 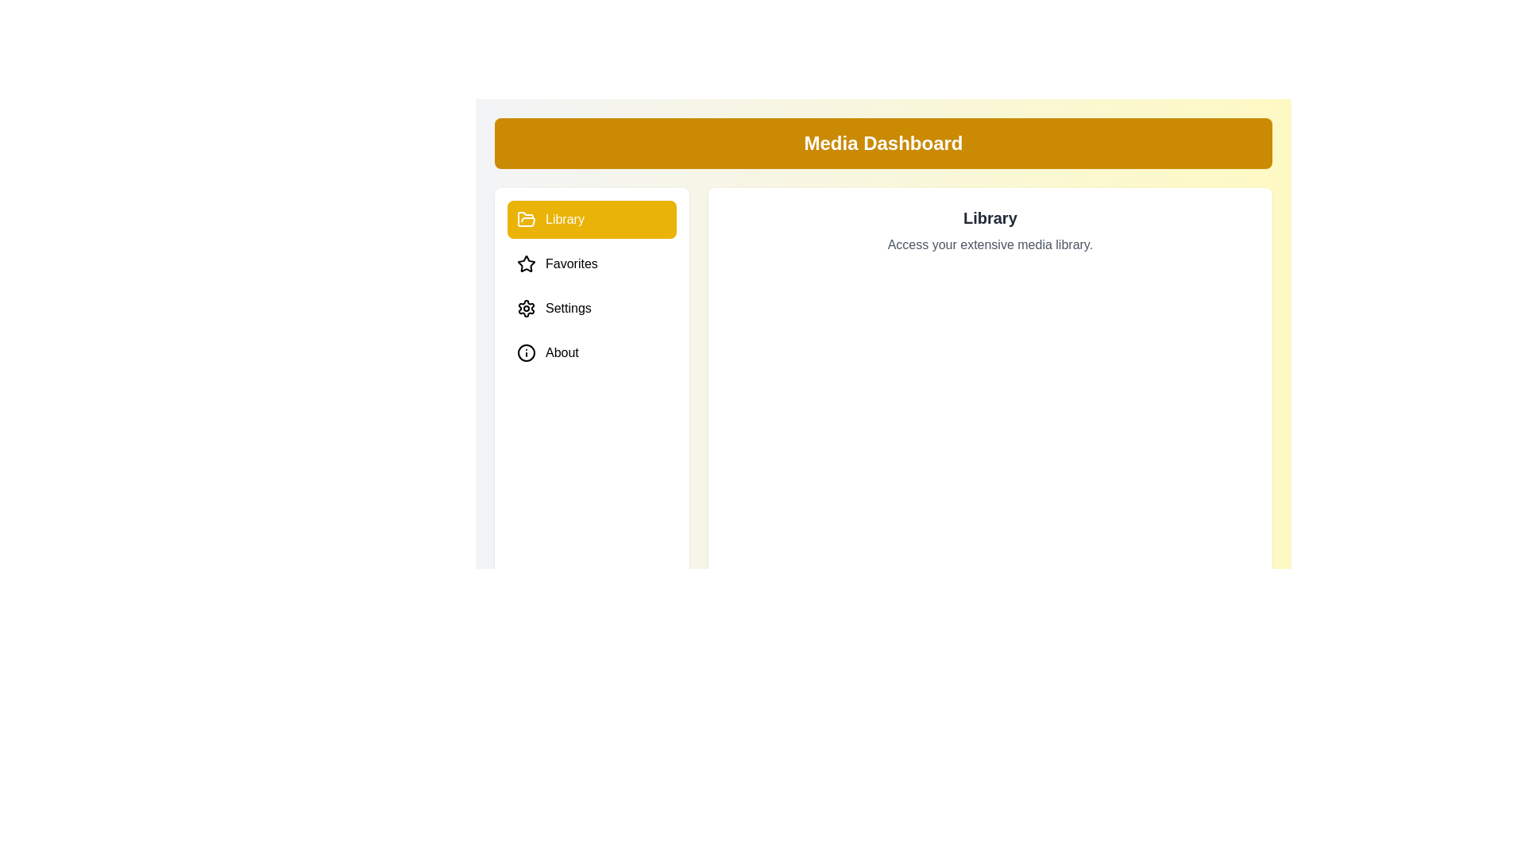 I want to click on the Favorites tab to preview its hover effect, so click(x=591, y=263).